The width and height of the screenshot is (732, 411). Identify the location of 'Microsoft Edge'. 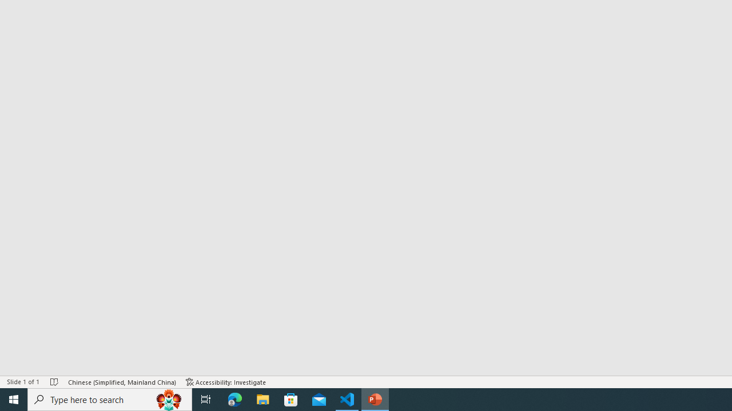
(234, 398).